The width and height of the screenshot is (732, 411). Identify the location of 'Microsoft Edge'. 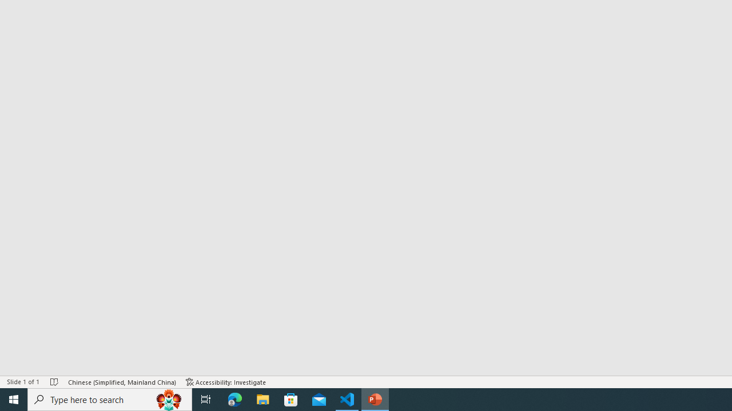
(234, 398).